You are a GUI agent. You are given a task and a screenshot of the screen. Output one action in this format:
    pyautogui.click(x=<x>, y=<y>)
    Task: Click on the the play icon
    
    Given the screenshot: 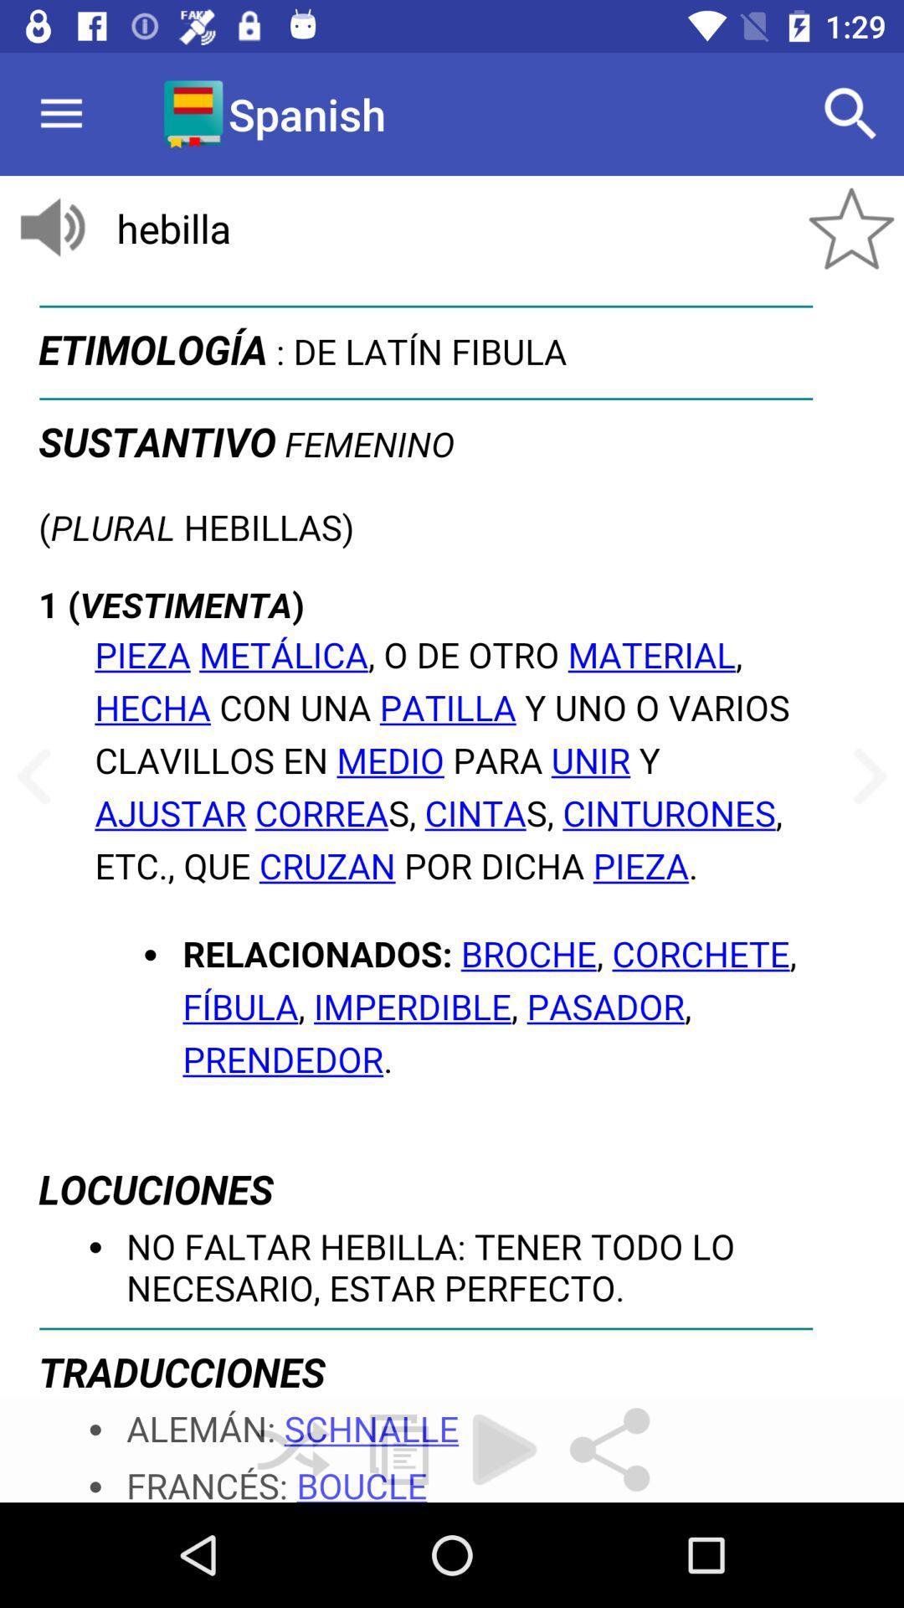 What is the action you would take?
    pyautogui.click(x=503, y=1449)
    